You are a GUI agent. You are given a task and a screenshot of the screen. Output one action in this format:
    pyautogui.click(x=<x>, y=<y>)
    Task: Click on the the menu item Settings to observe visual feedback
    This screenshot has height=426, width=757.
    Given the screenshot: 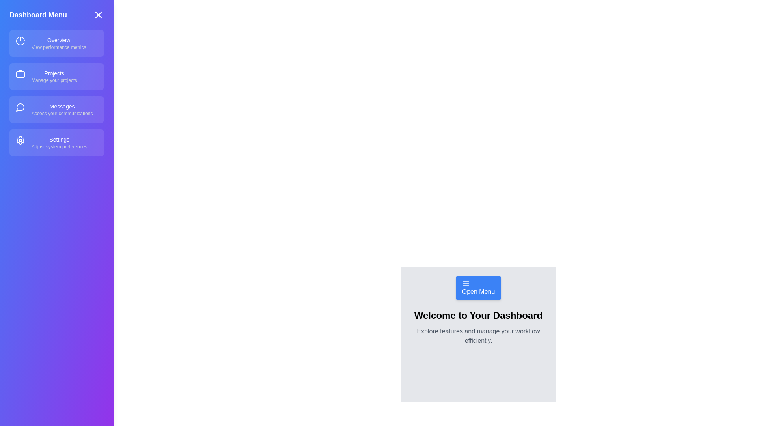 What is the action you would take?
    pyautogui.click(x=56, y=143)
    